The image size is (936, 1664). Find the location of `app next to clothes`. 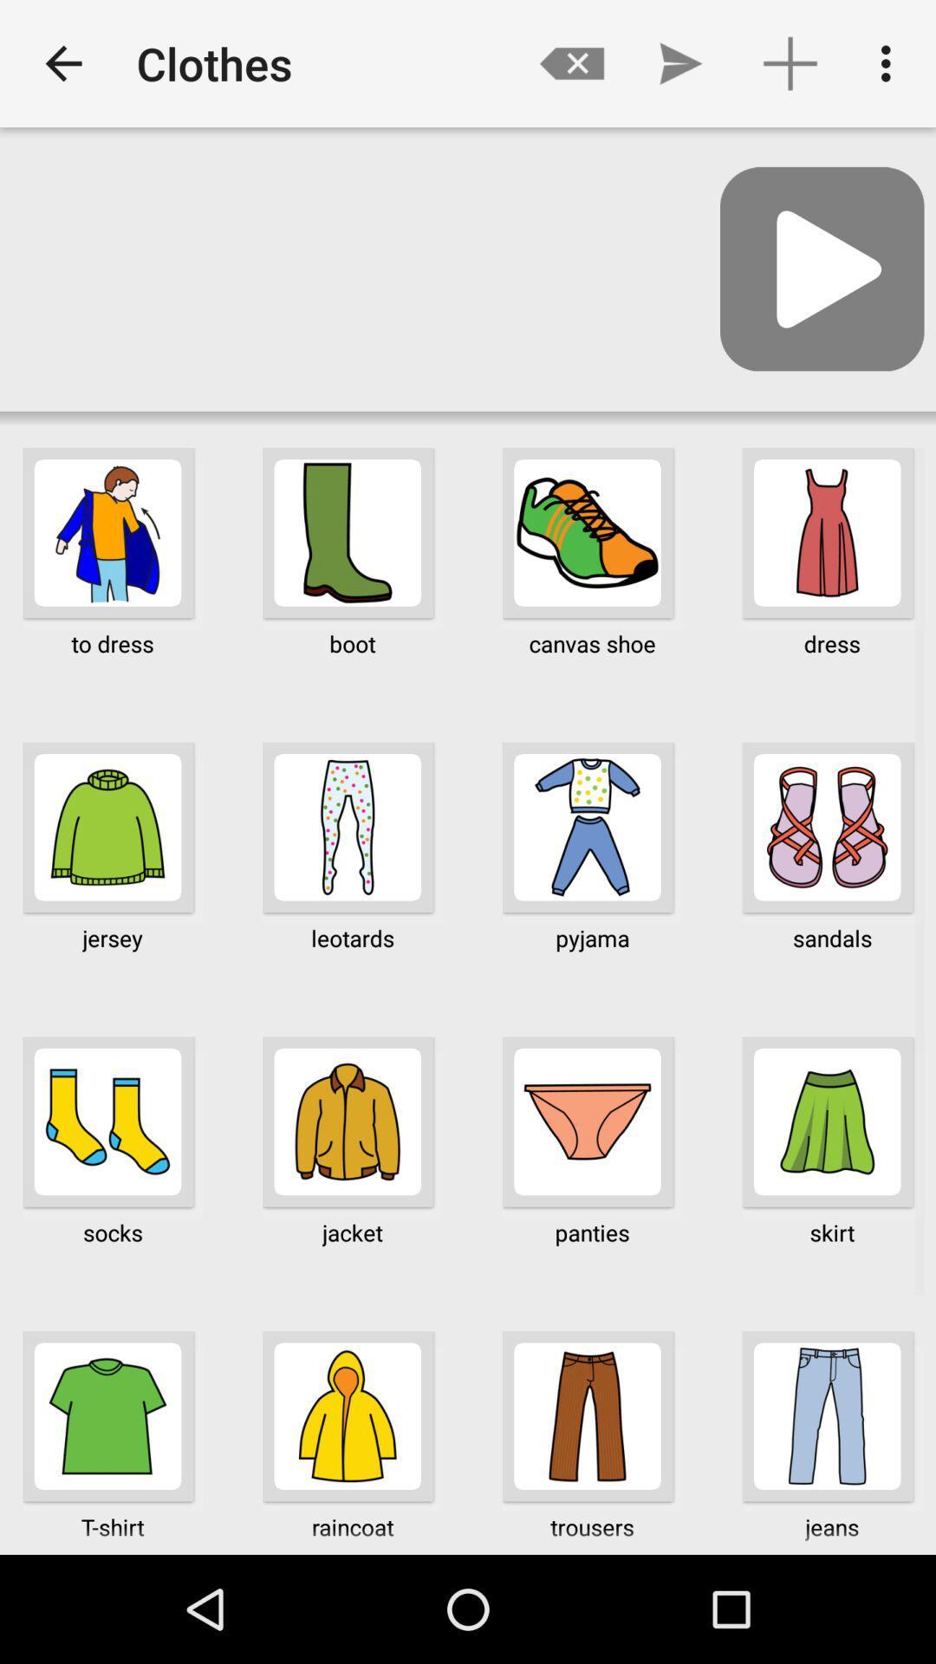

app next to clothes is located at coordinates (62, 63).